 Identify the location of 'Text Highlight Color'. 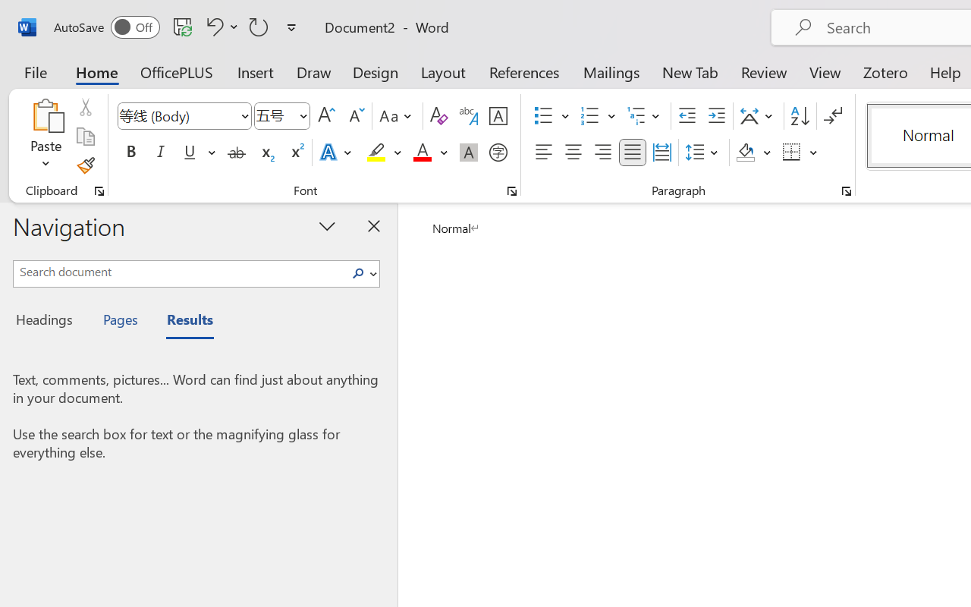
(384, 153).